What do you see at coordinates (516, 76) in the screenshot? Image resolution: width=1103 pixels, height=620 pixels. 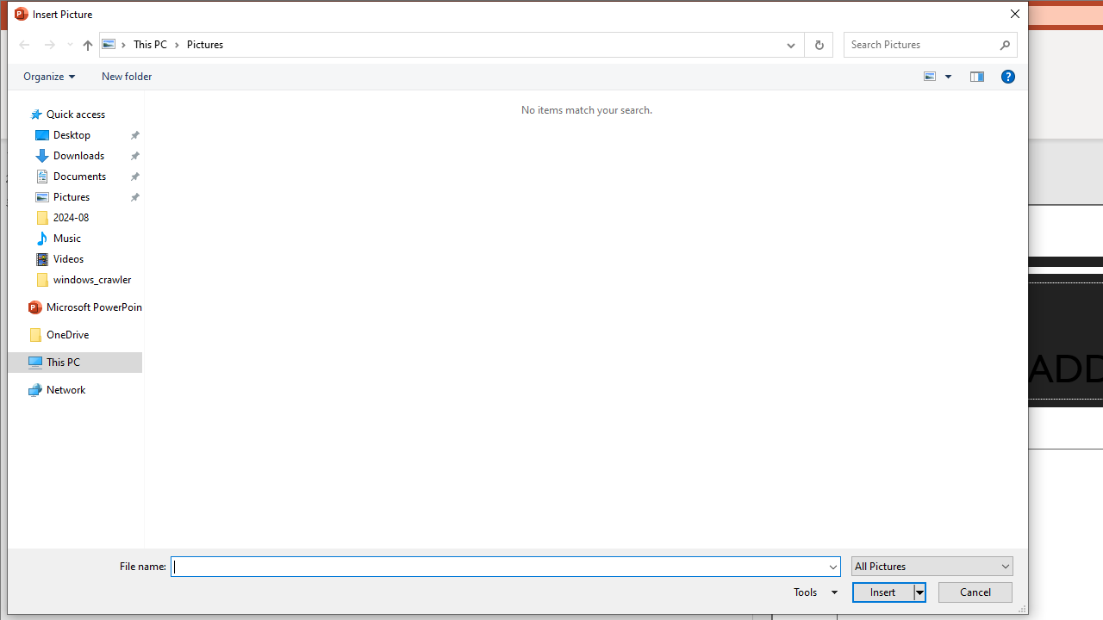 I see `'Command Module'` at bounding box center [516, 76].